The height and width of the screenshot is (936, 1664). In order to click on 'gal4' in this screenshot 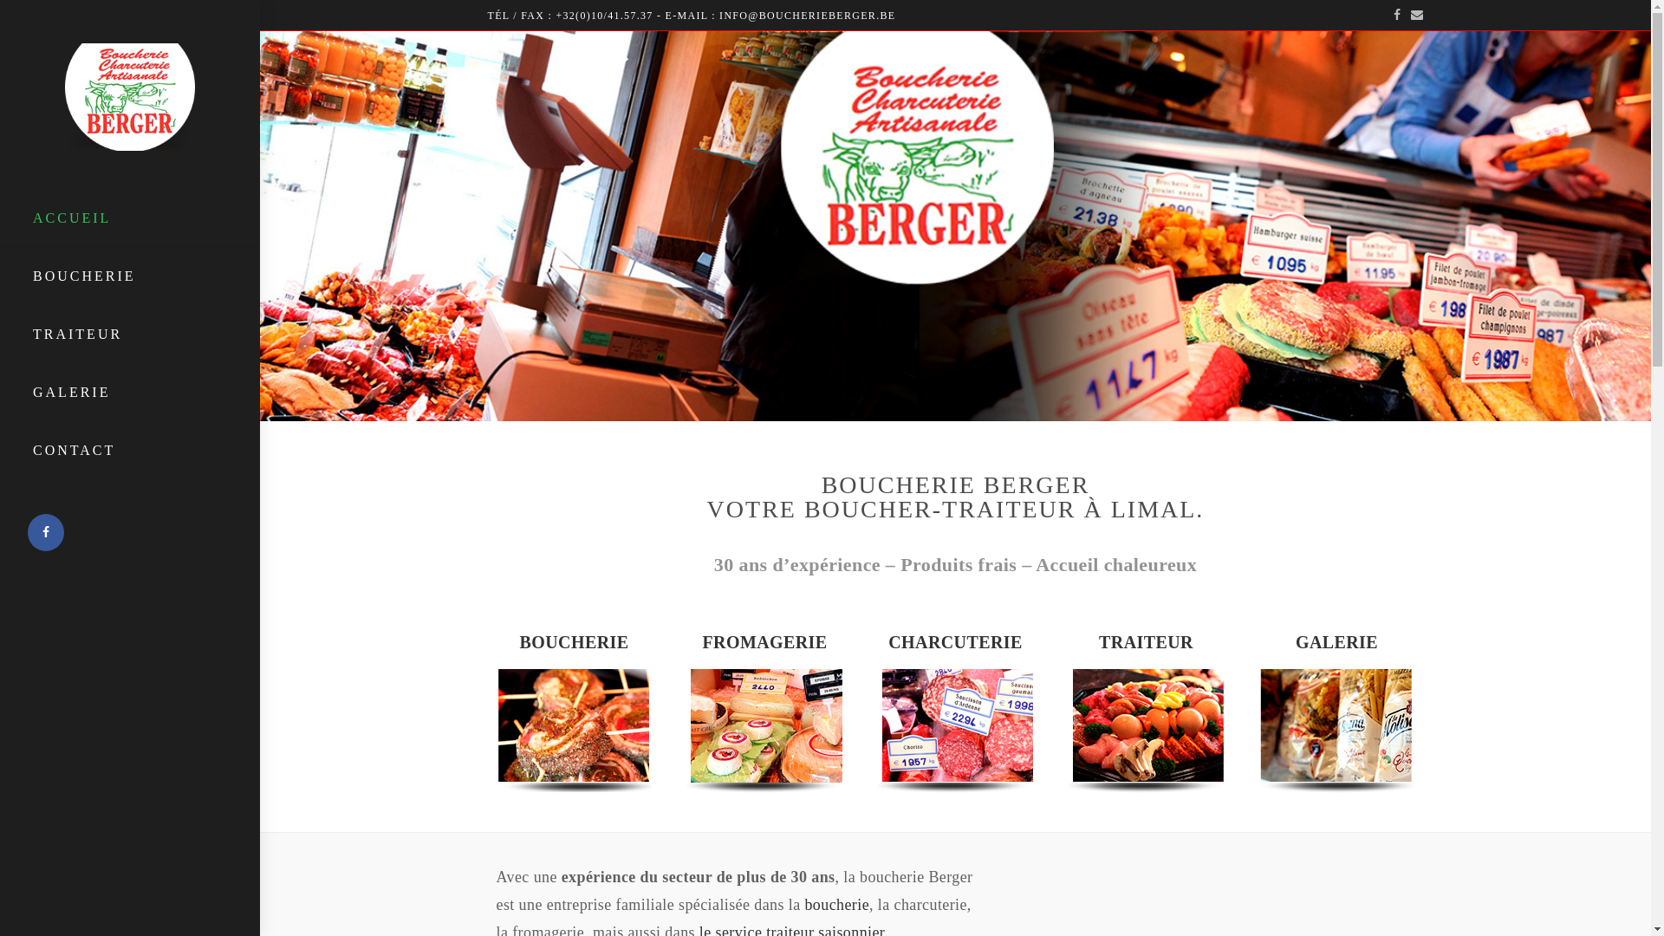, I will do `click(1259, 731)`.